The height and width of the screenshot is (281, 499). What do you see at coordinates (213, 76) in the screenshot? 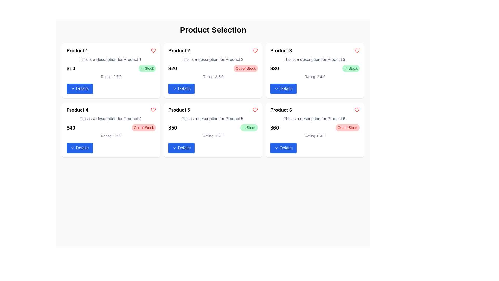
I see `the Text Display that shows the product rating for 'Product 2', located below the price '$20' and stock status 'Out of Stock', and above the 'Details' button` at bounding box center [213, 76].